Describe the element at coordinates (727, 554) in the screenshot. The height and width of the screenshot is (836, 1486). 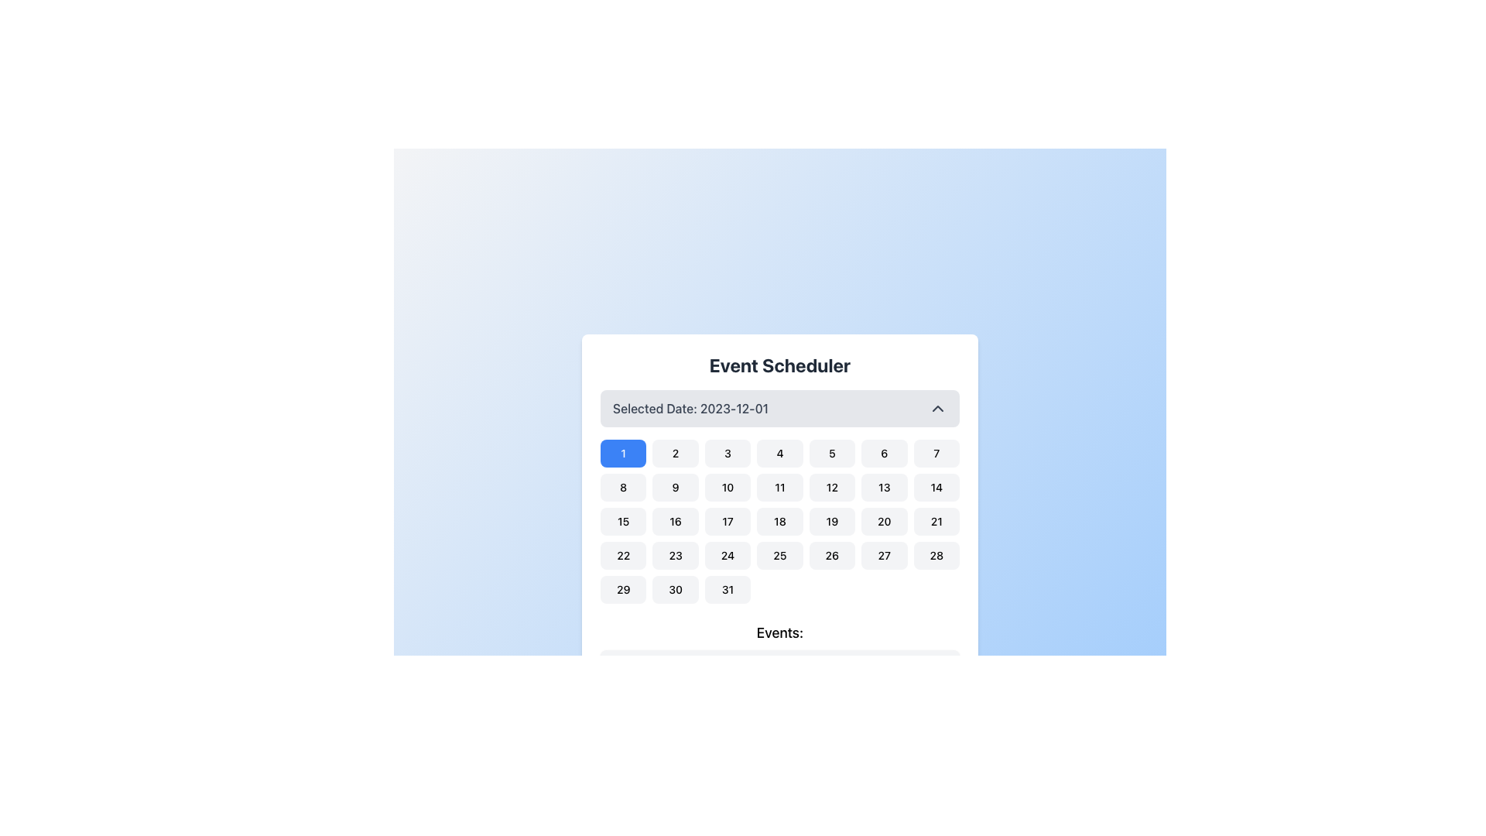
I see `the button representing the 24th day in the calendar to change its background color` at that location.